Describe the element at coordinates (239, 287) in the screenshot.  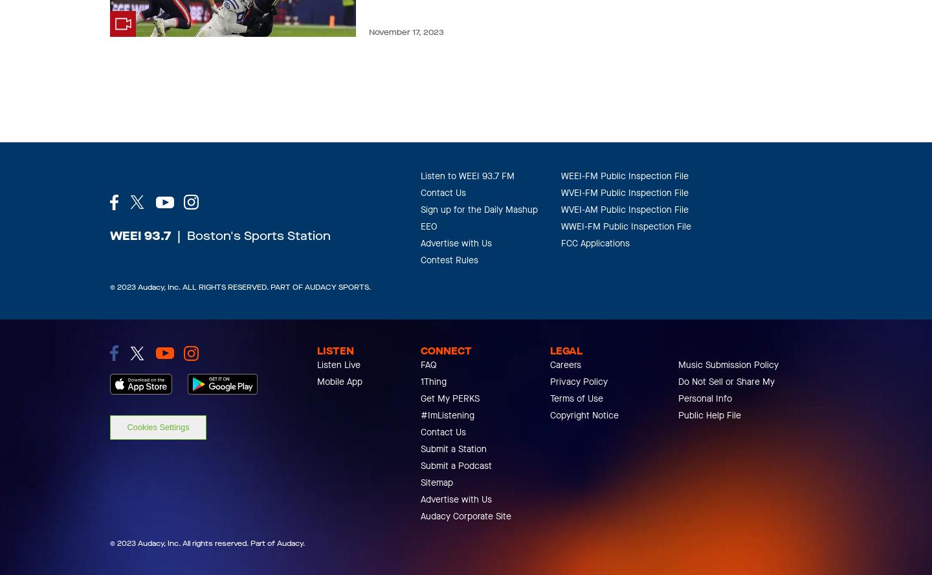
I see `'©
            2023 Audacy, Inc. ALL RIGHTS RESERVED. PART OF AUDACY SPORTS.'` at that location.